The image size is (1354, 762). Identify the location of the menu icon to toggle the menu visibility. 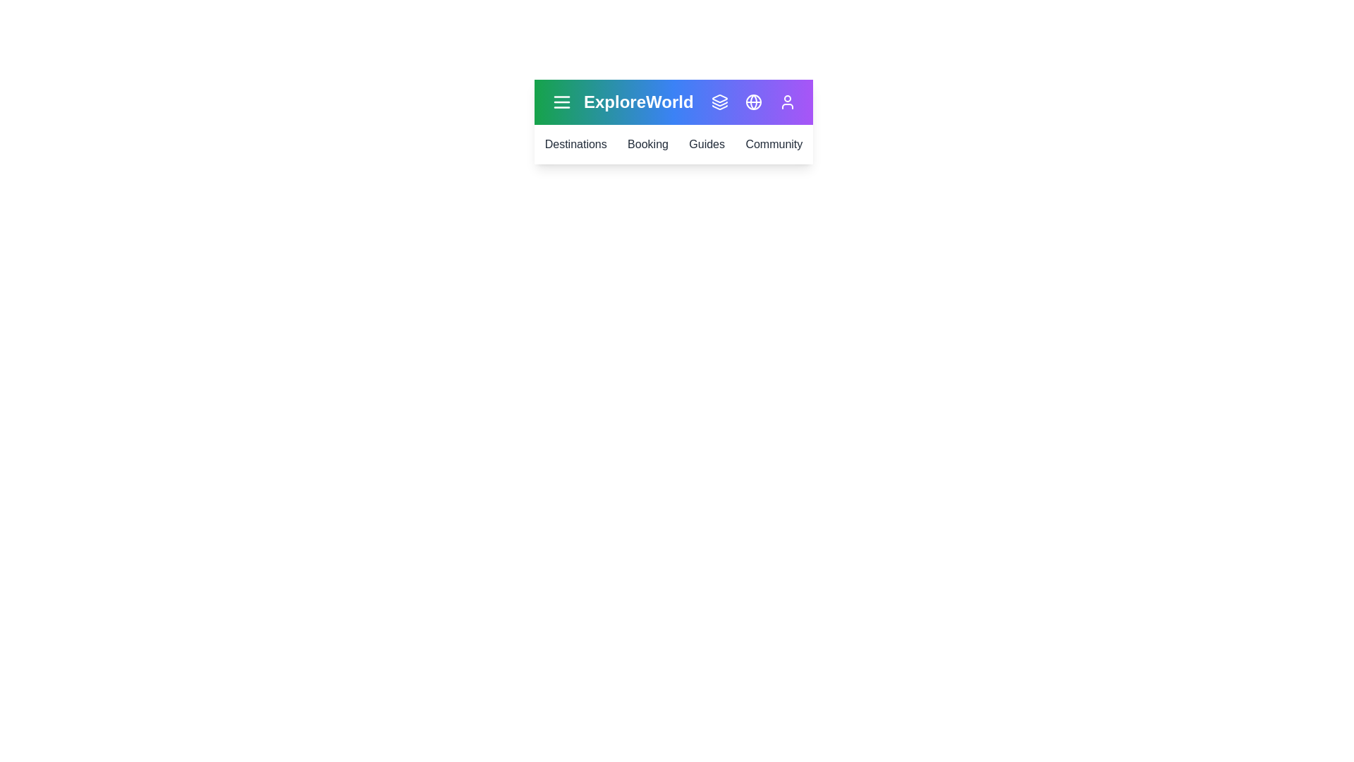
(561, 102).